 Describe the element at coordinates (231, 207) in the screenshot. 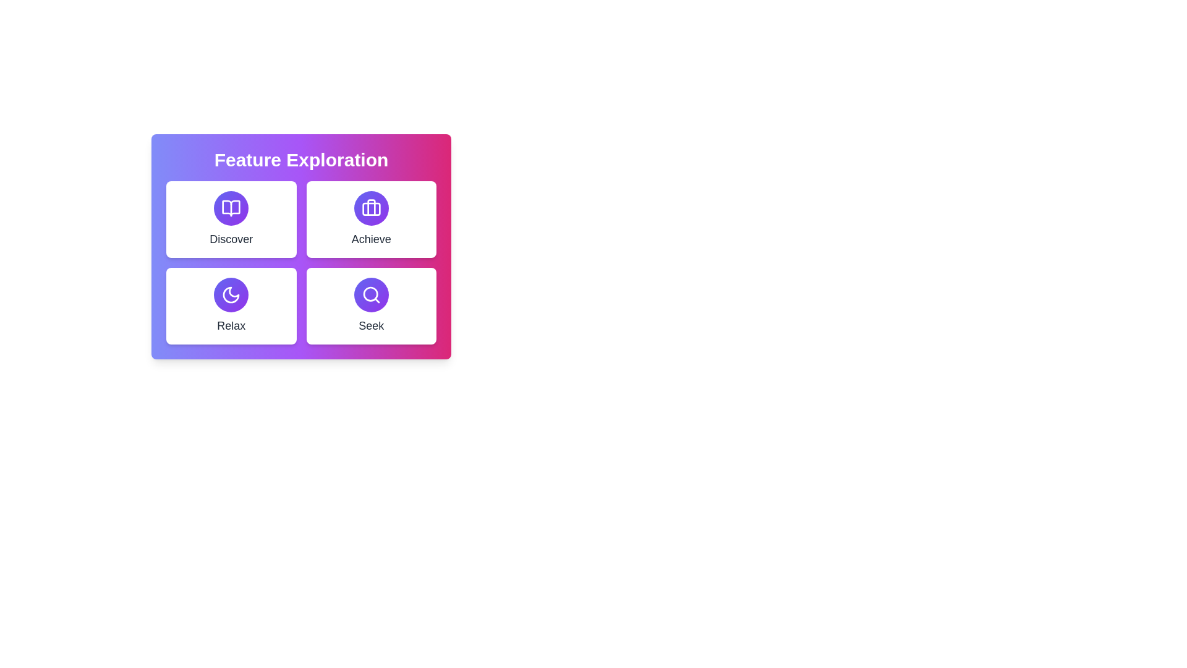

I see `the decorative 'Discover' icon located in the upper-left section of the 'Feature Exploration' card, positioned in the first row and first column of the grid layout` at that location.